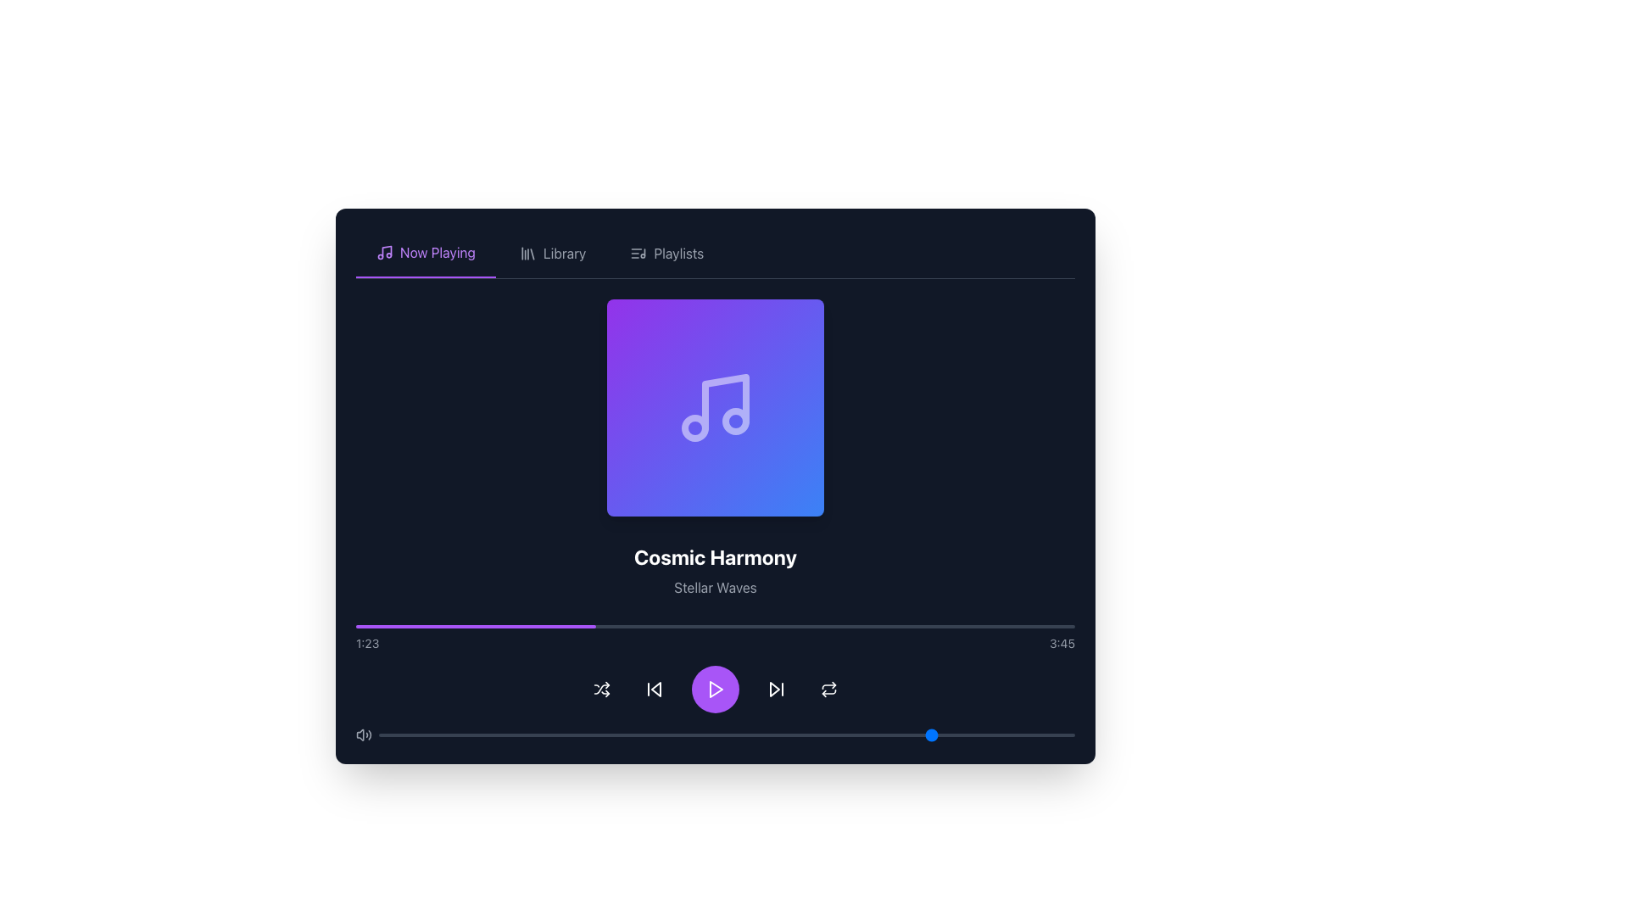 Image resolution: width=1628 pixels, height=916 pixels. Describe the element at coordinates (602, 690) in the screenshot. I see `the shuffle toggle button located at the bottom center of the interface` at that location.